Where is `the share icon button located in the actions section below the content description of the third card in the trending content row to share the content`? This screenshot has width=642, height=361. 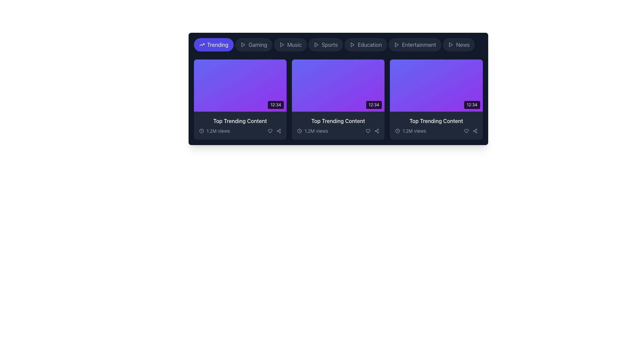
the share icon button located in the actions section below the content description of the third card in the trending content row to share the content is located at coordinates (279, 131).